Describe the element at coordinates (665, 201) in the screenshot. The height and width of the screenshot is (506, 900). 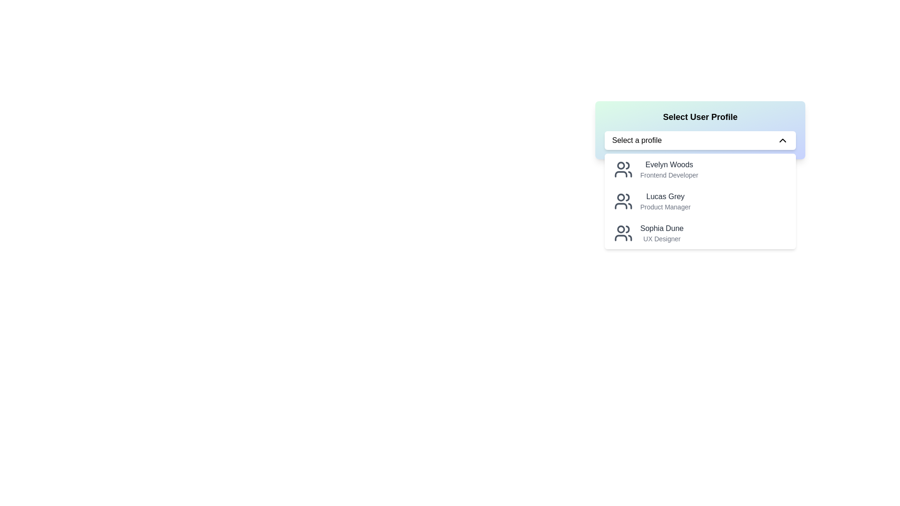
I see `the second item in the user profile selection list, which displays the name and title of an individual user` at that location.